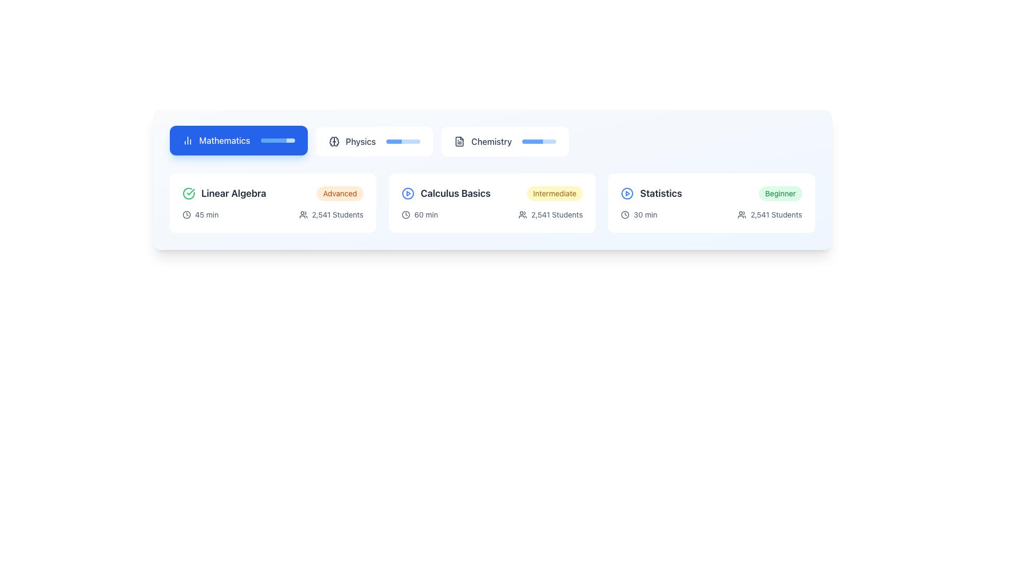  Describe the element at coordinates (460, 141) in the screenshot. I see `the document icon next to the 'Chemistry' label, which represents text inside and is styled with a dark thin stroke` at that location.